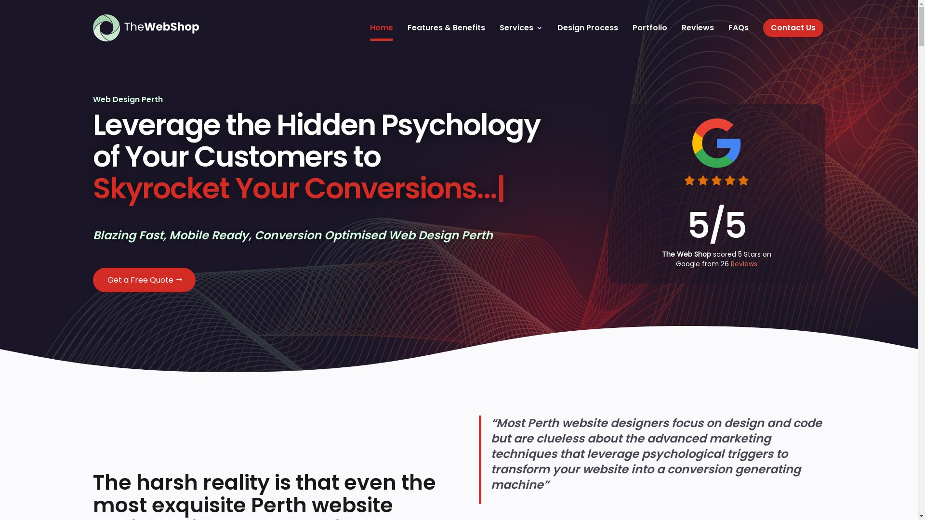  I want to click on 'Design Process', so click(587, 27).